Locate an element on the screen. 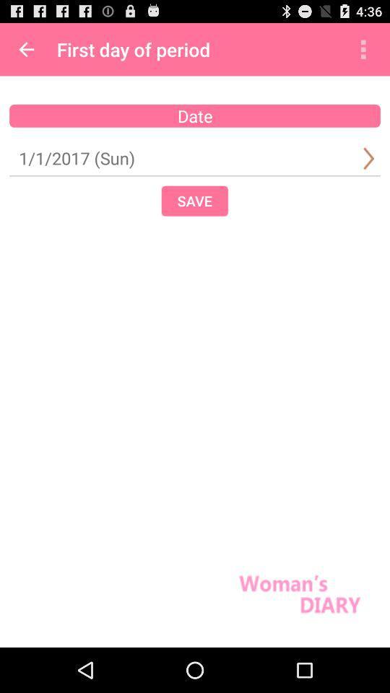  the item next to first day of app is located at coordinates (363, 49).